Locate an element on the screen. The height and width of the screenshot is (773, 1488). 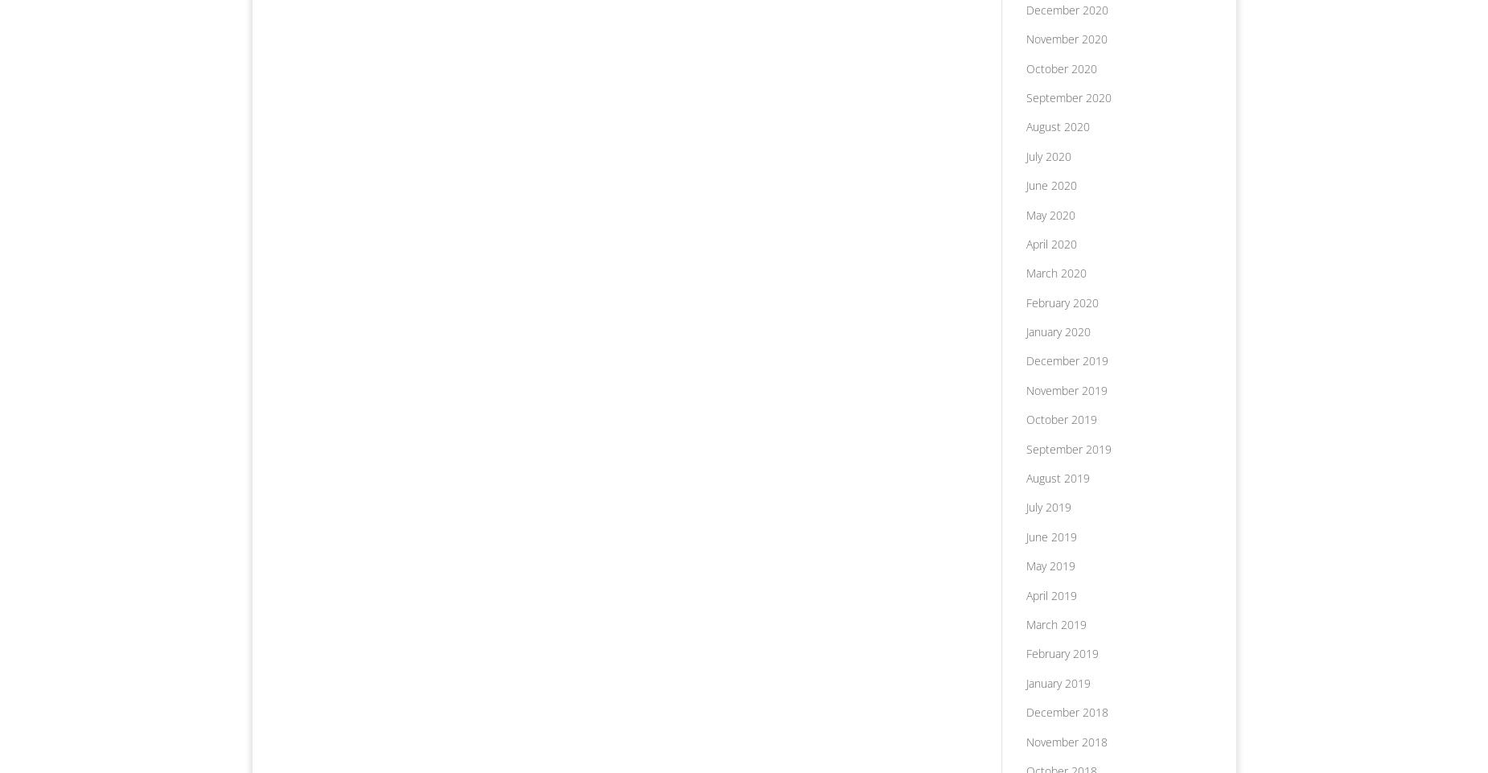
'October 2020' is located at coordinates (1060, 68).